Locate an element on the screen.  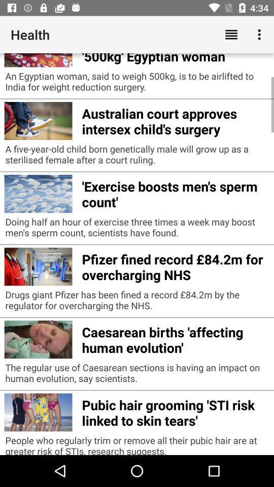
the item below drugs giant pfizer icon is located at coordinates (175, 338).